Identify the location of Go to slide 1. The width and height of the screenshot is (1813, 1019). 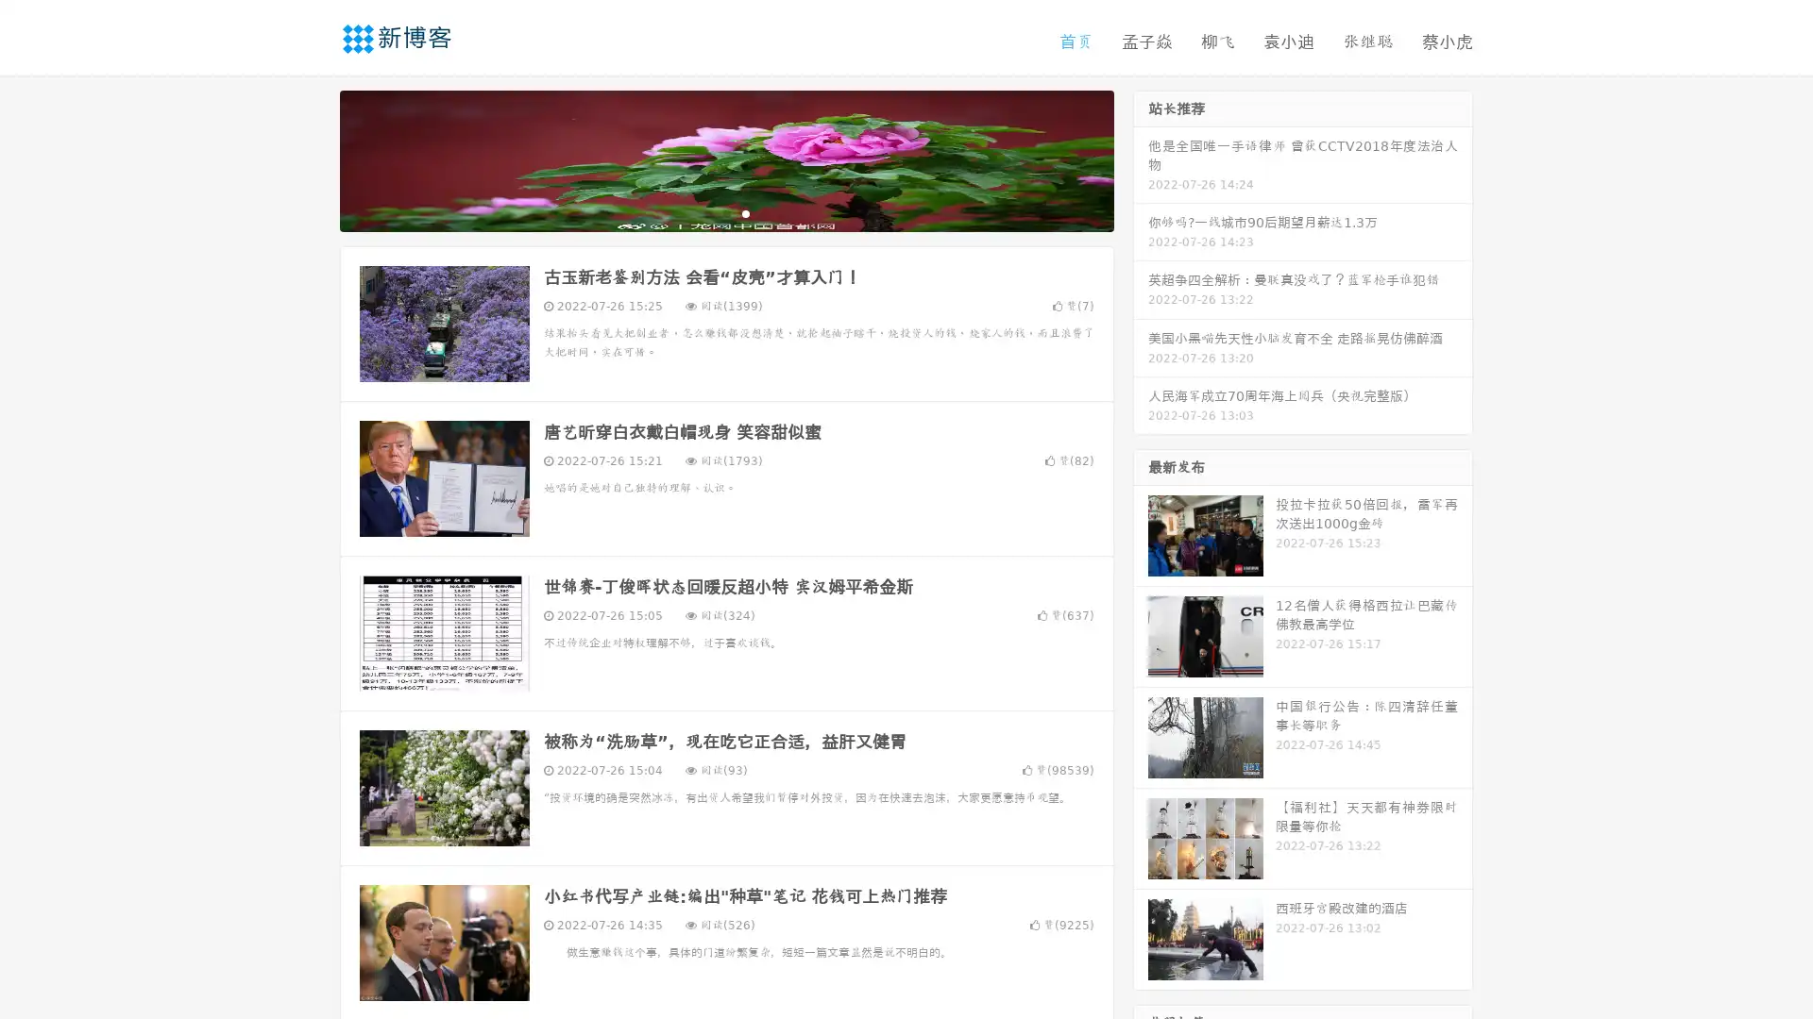
(706, 212).